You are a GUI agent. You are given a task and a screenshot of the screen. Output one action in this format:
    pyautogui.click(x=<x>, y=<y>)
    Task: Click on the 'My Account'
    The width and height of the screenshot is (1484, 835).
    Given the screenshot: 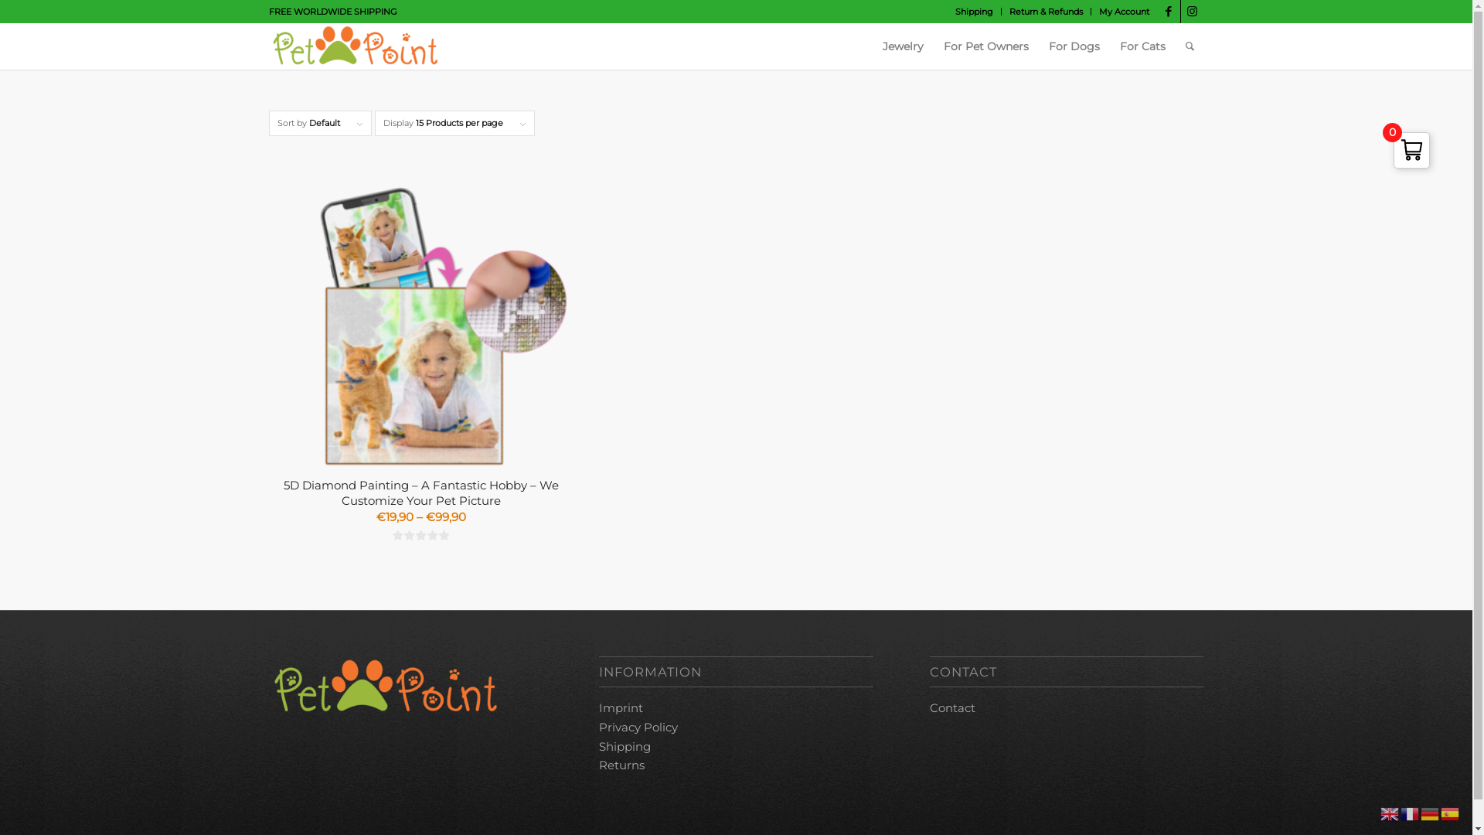 What is the action you would take?
    pyautogui.click(x=1124, y=12)
    